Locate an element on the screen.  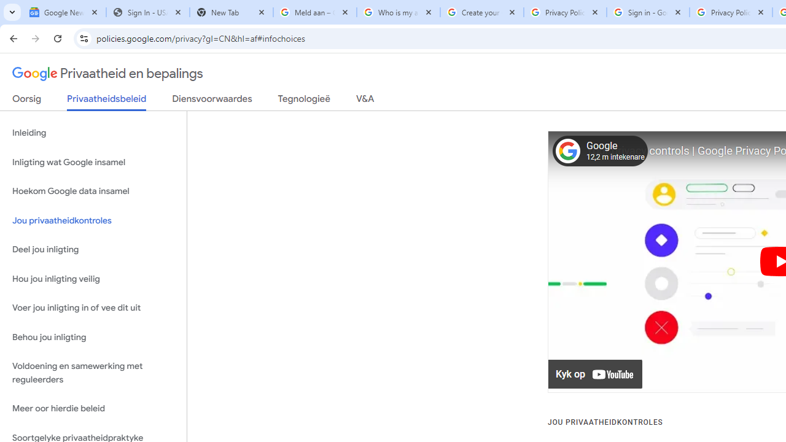
'Voldoening en samewerking met reguleerders' is located at coordinates (93, 373).